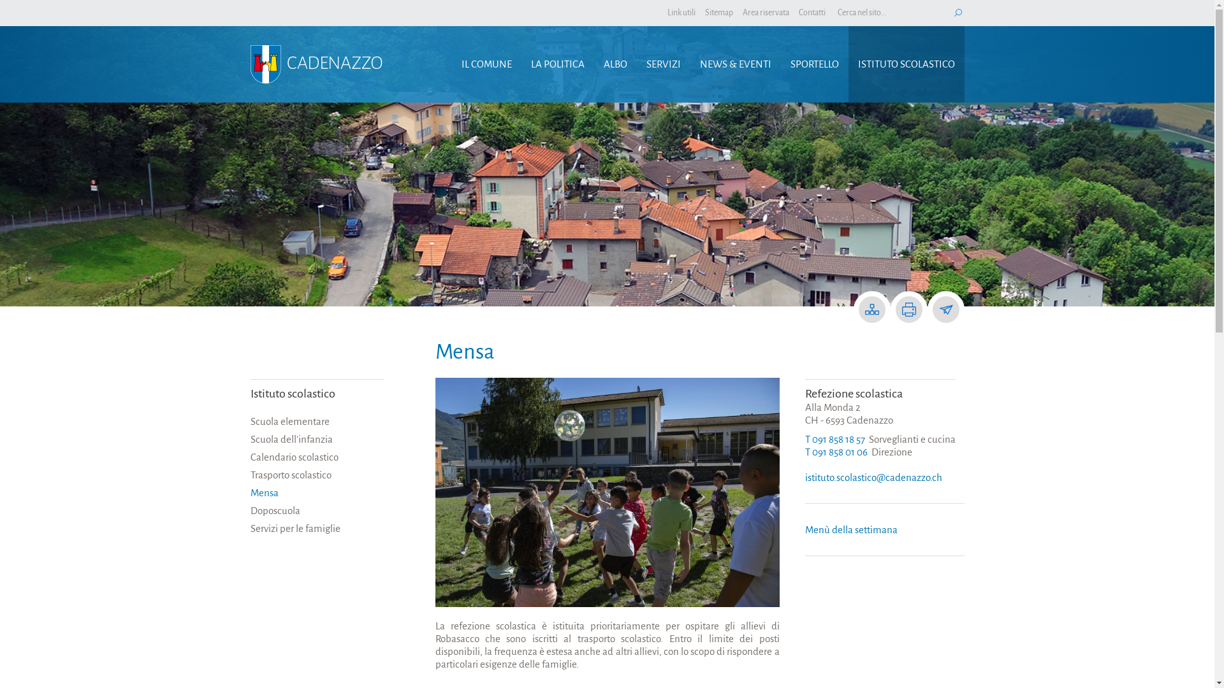 This screenshot has height=688, width=1224. What do you see at coordinates (798, 13) in the screenshot?
I see `'Contatti'` at bounding box center [798, 13].